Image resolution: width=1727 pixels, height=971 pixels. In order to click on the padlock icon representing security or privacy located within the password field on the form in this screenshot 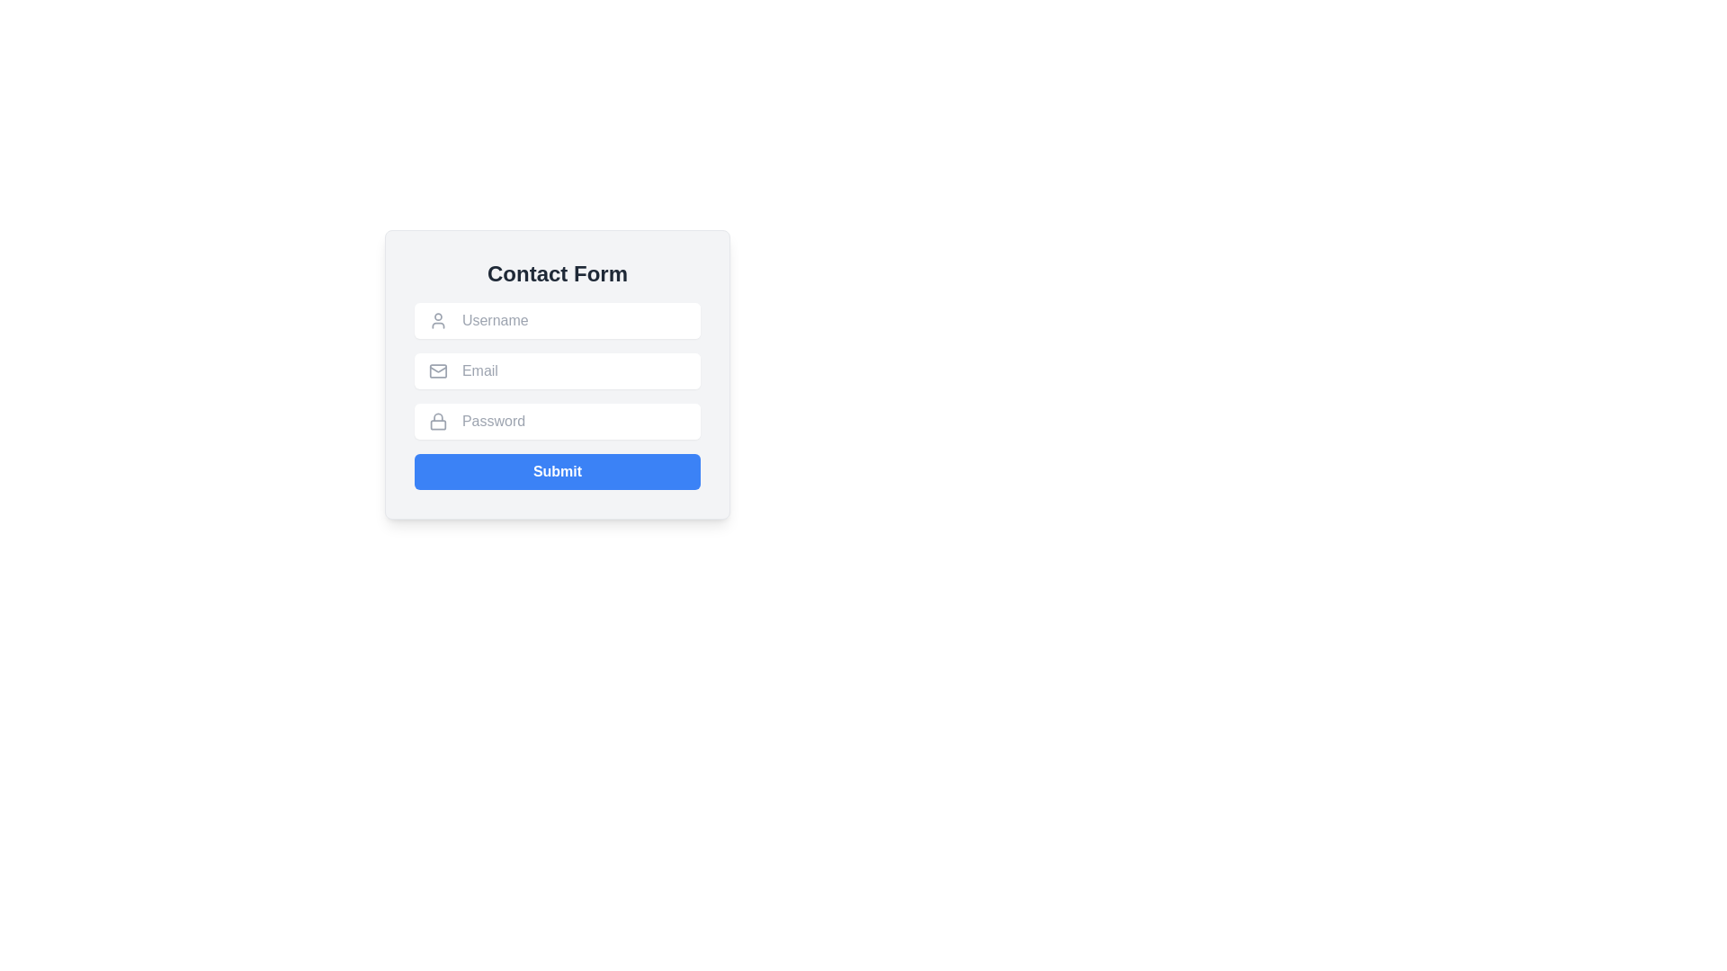, I will do `click(438, 424)`.